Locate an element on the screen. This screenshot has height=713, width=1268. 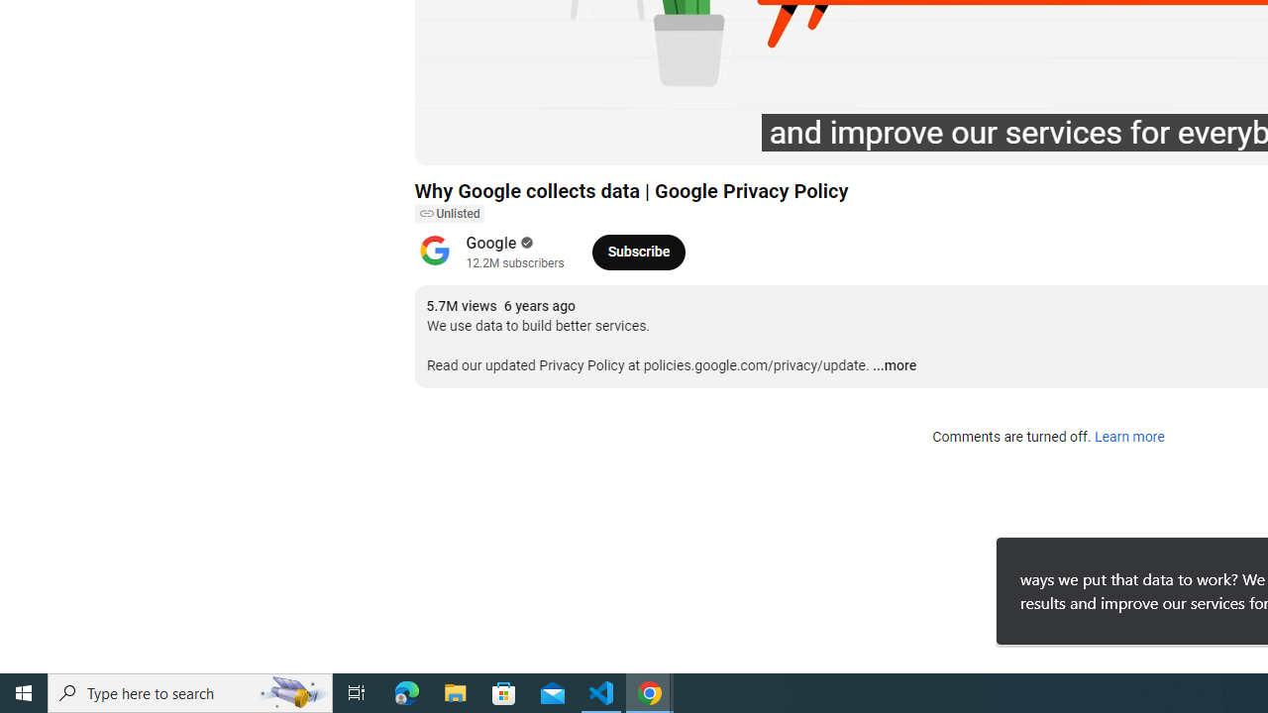
'Verified' is located at coordinates (525, 242).